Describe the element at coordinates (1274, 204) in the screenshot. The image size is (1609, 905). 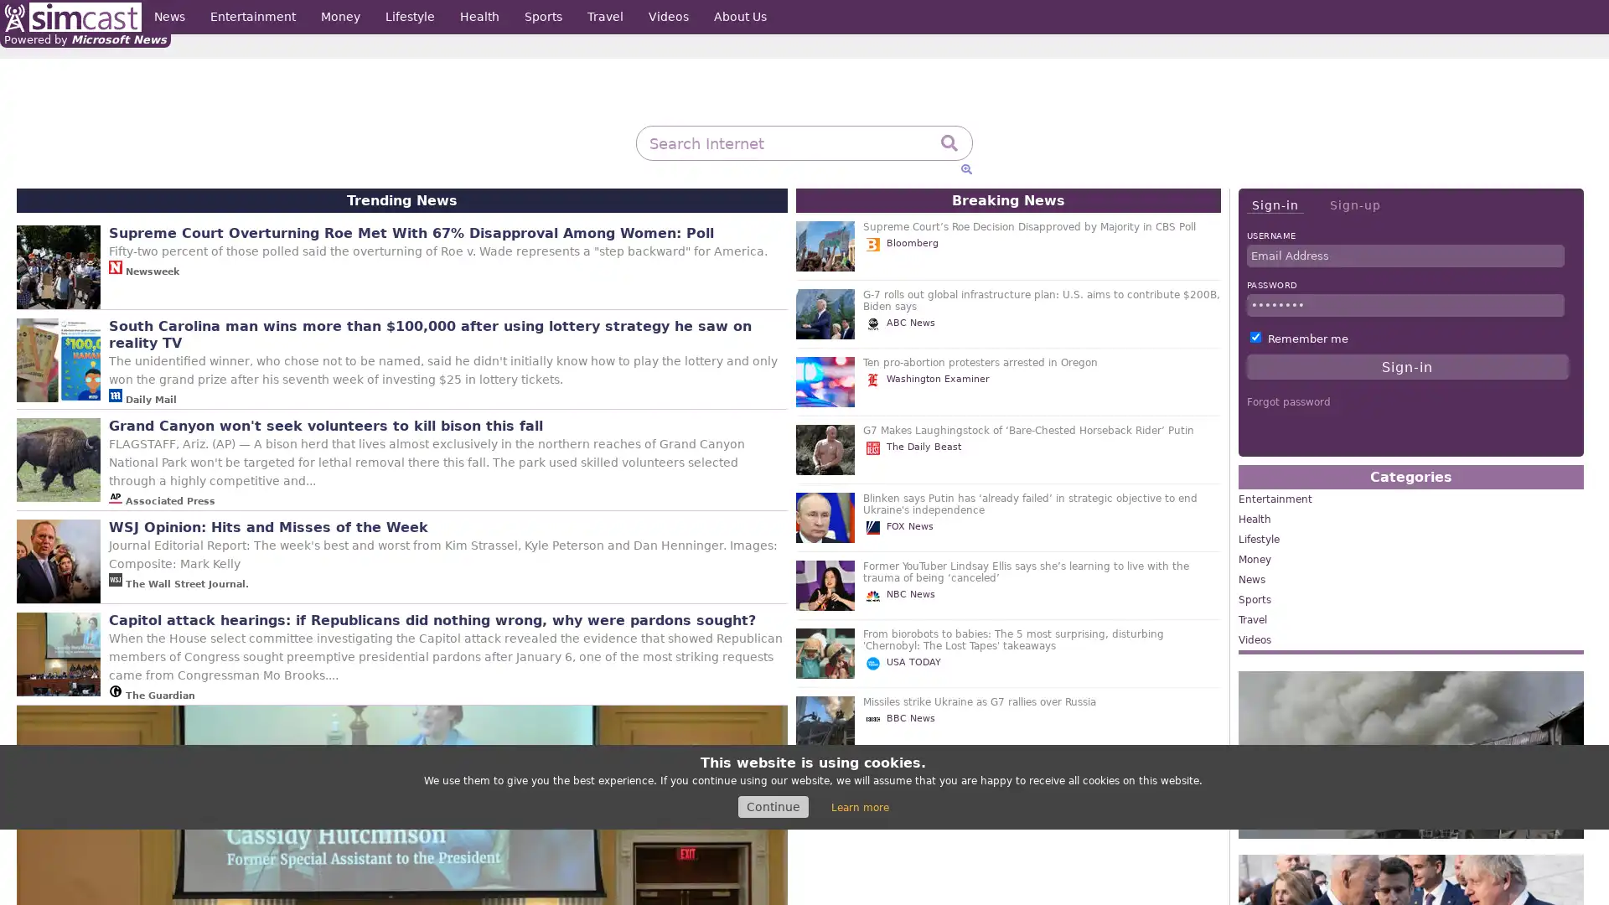
I see `Sign-in` at that location.